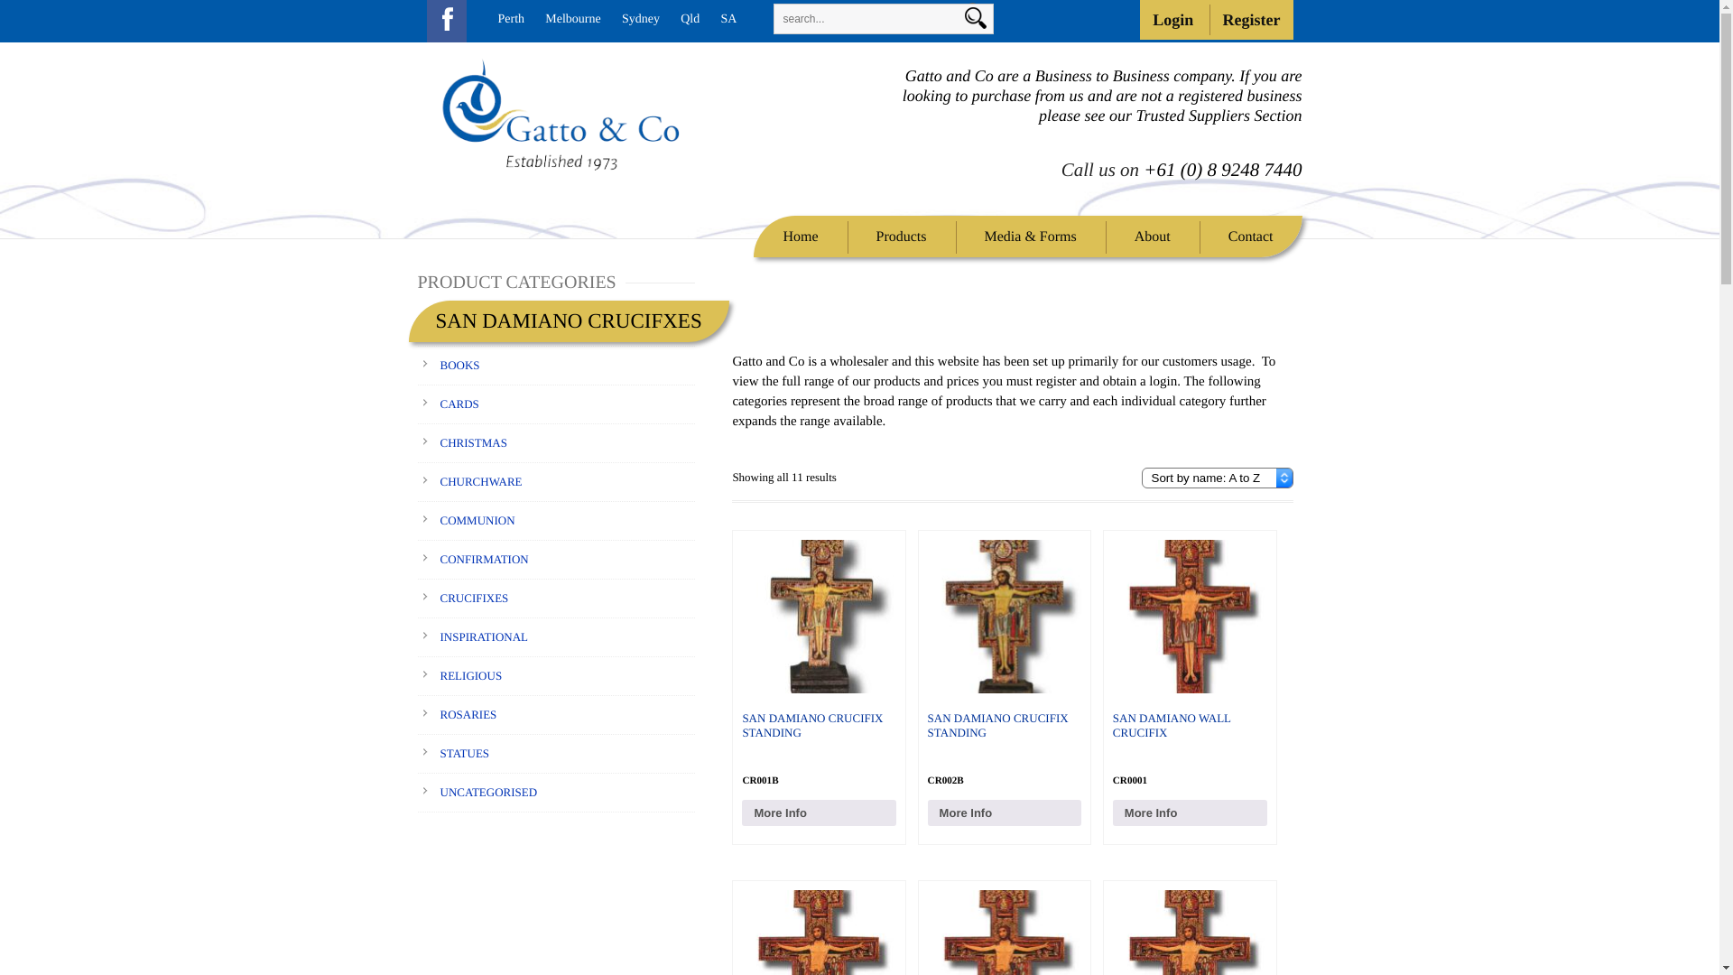 This screenshot has width=1733, height=975. Describe the element at coordinates (1251, 20) in the screenshot. I see `'Register'` at that location.